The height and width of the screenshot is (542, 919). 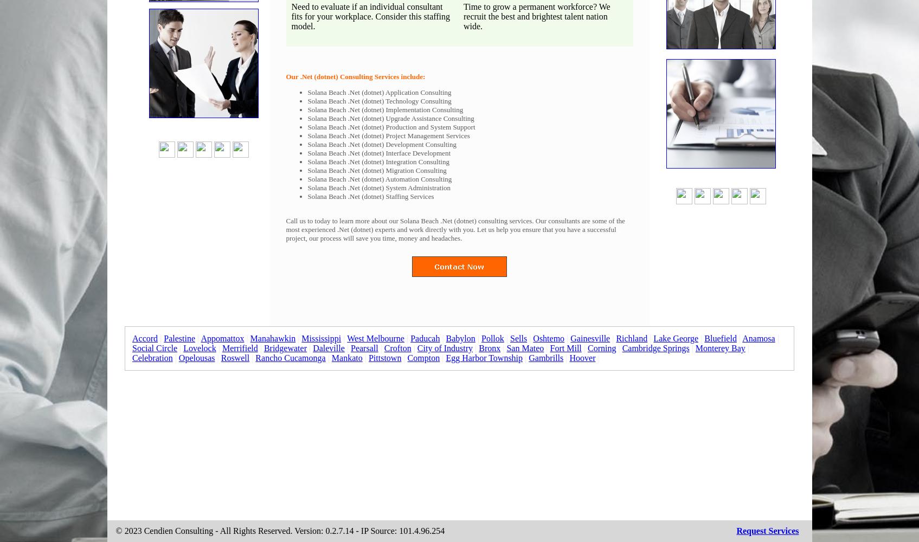 I want to click on 'Oshtemo', so click(x=548, y=338).